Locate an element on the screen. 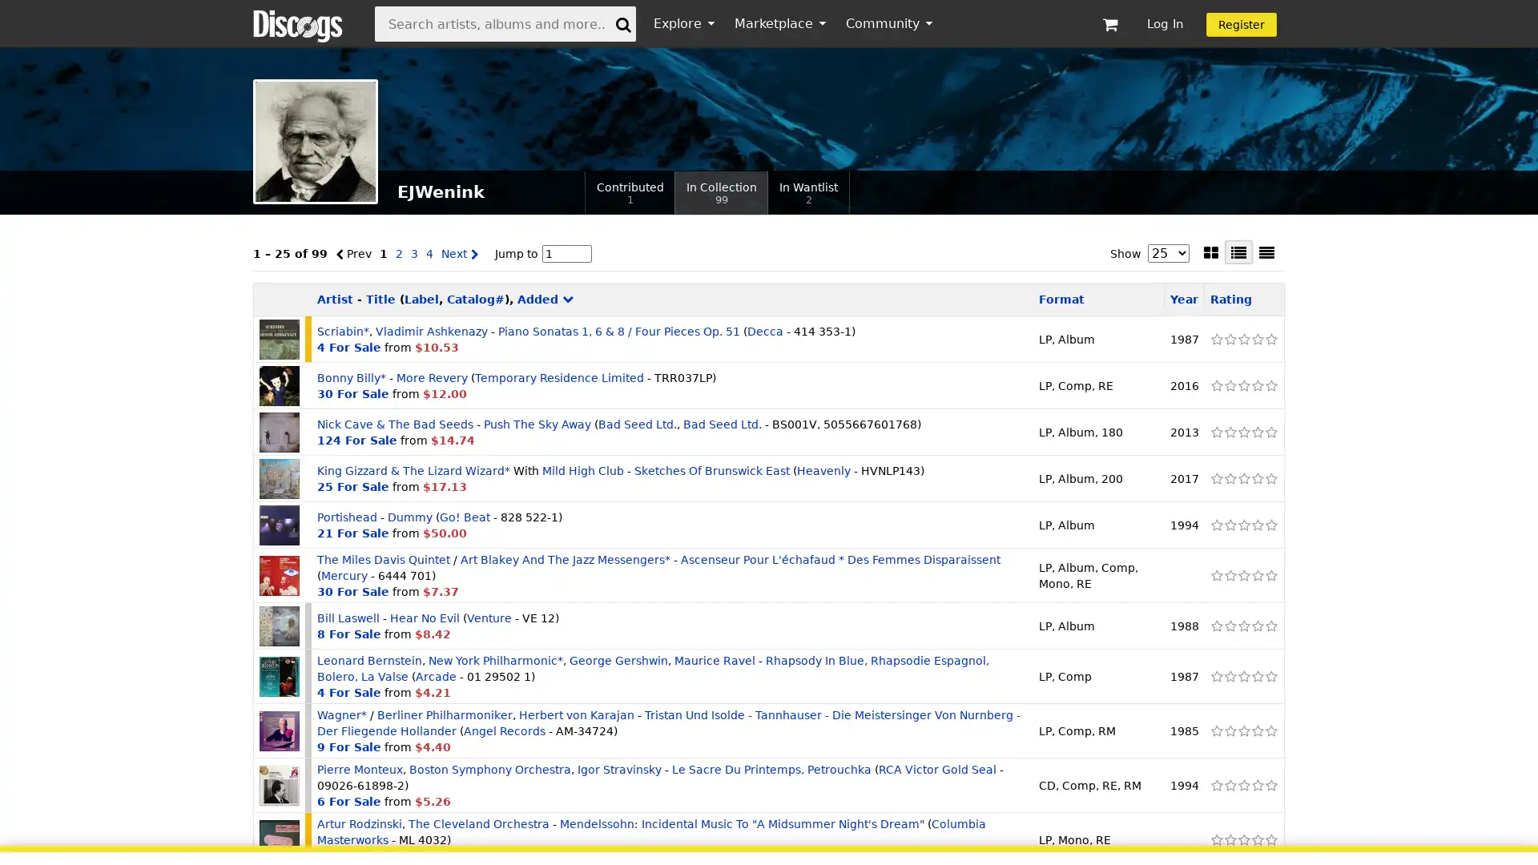  Rate this release 5 stars. is located at coordinates (1270, 731).